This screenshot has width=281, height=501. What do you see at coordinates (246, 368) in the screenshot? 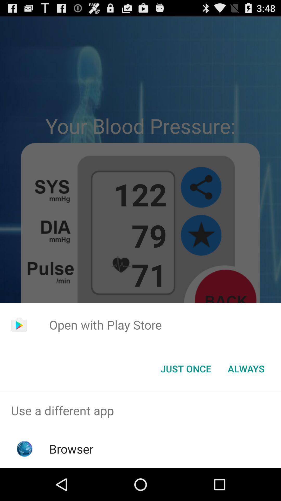
I see `item at the bottom right corner` at bounding box center [246, 368].